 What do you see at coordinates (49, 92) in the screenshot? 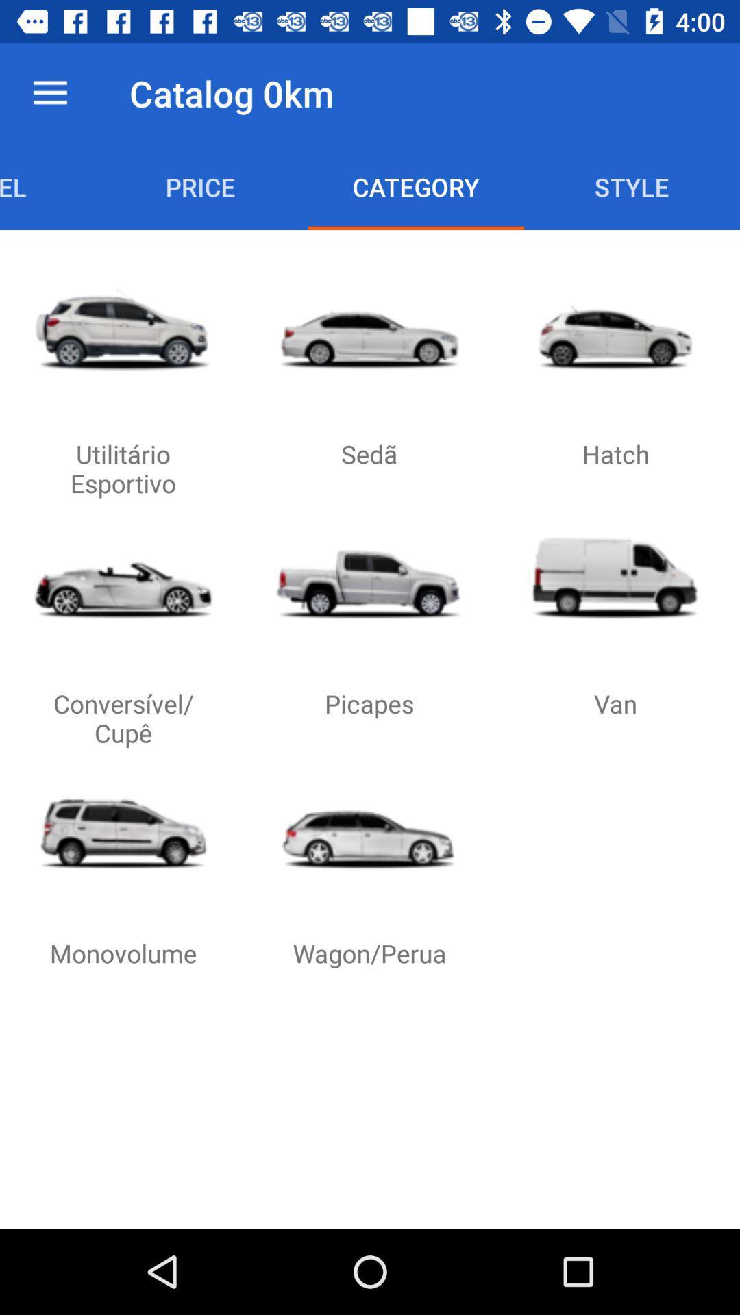
I see `item next to the catalog 0km` at bounding box center [49, 92].